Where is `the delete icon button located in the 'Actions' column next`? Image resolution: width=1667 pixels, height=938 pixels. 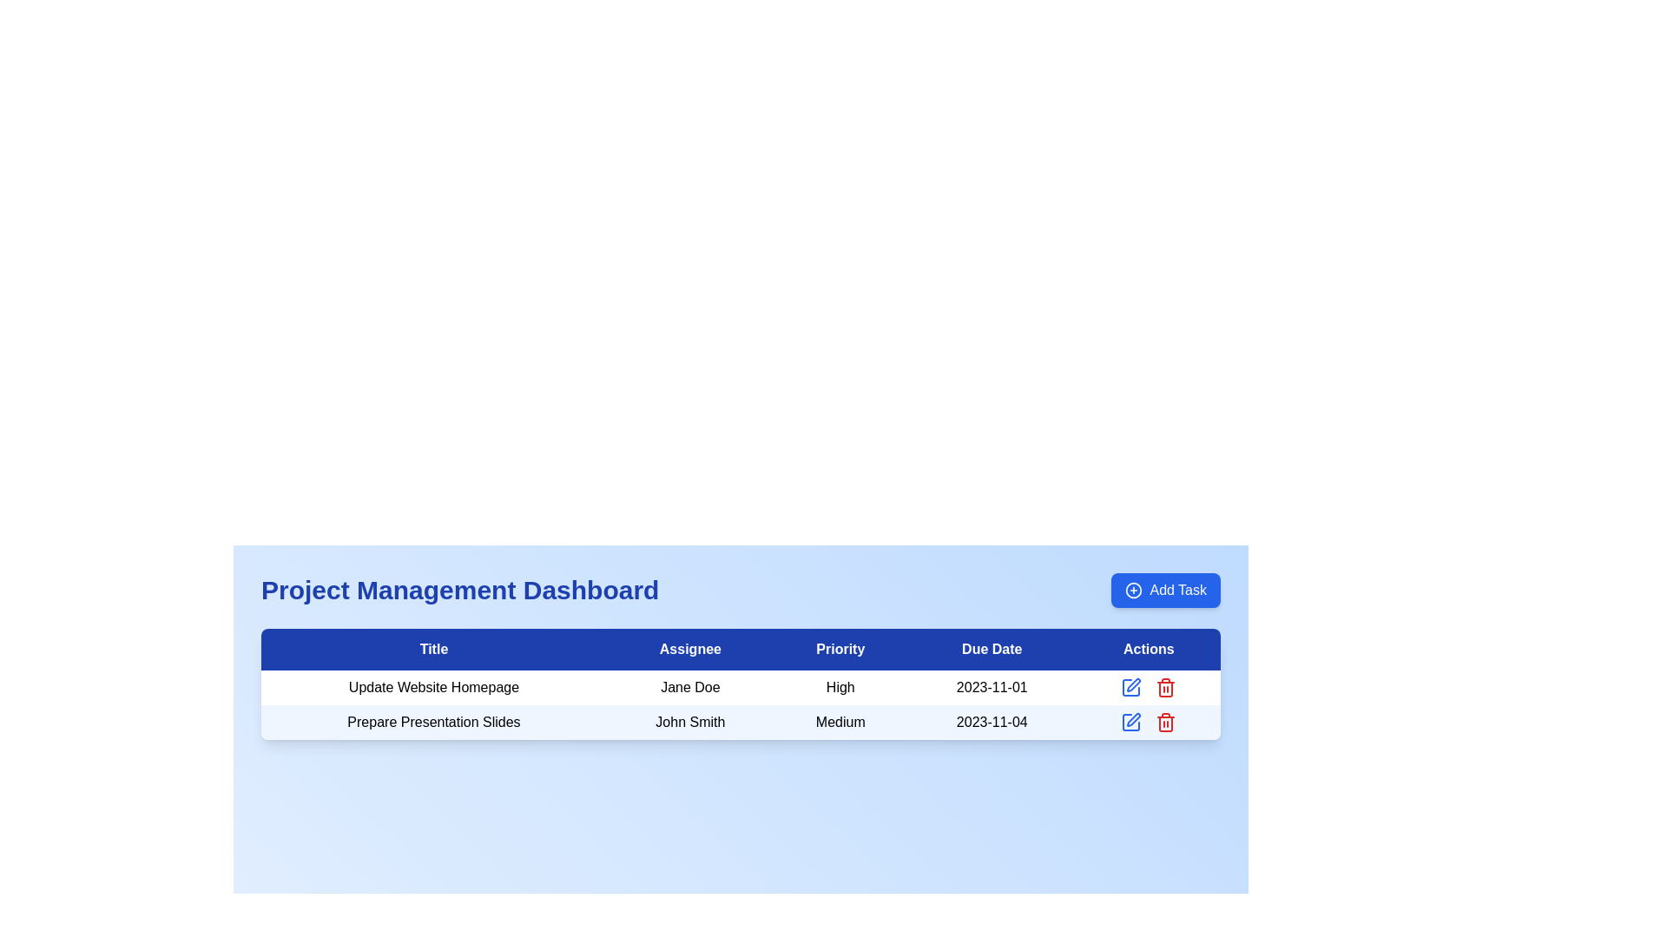
the delete icon button located in the 'Actions' column next is located at coordinates (1149, 686).